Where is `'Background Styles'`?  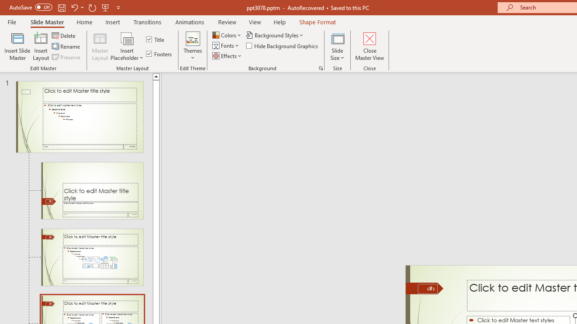
'Background Styles' is located at coordinates (275, 35).